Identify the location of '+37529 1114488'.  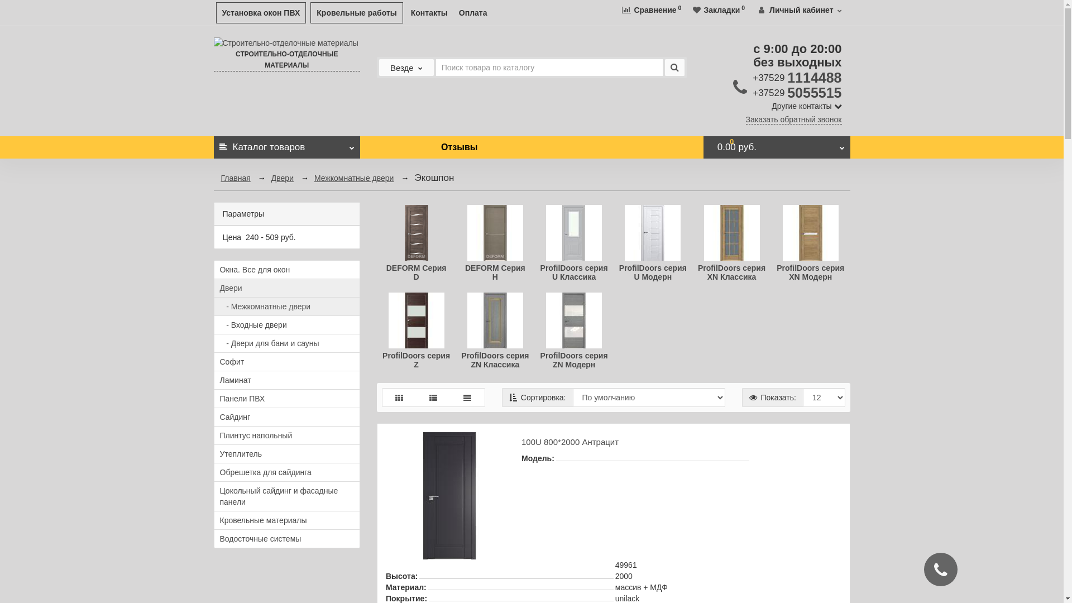
(753, 76).